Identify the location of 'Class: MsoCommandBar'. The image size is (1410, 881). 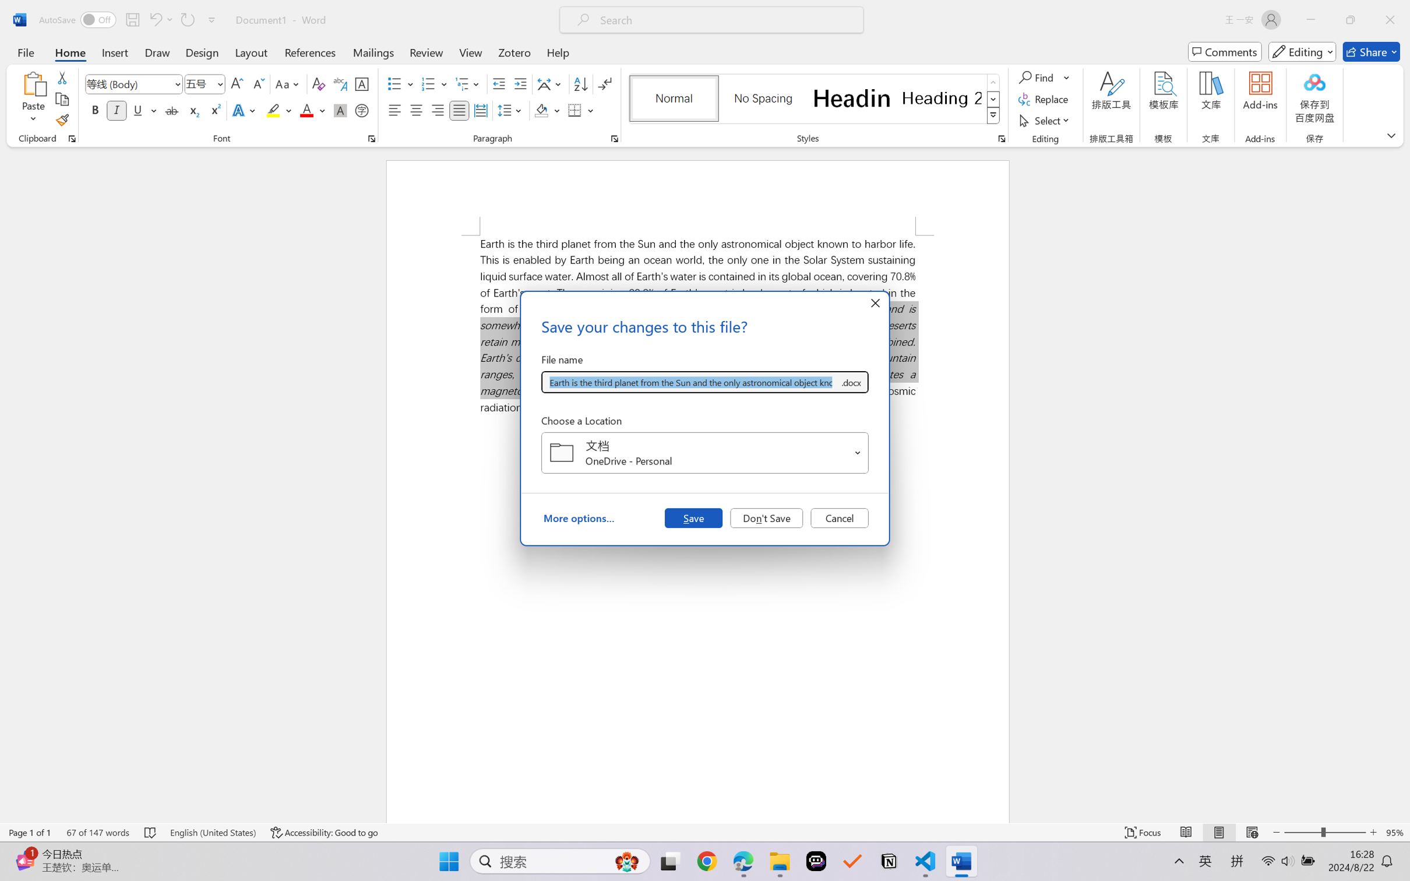
(705, 832).